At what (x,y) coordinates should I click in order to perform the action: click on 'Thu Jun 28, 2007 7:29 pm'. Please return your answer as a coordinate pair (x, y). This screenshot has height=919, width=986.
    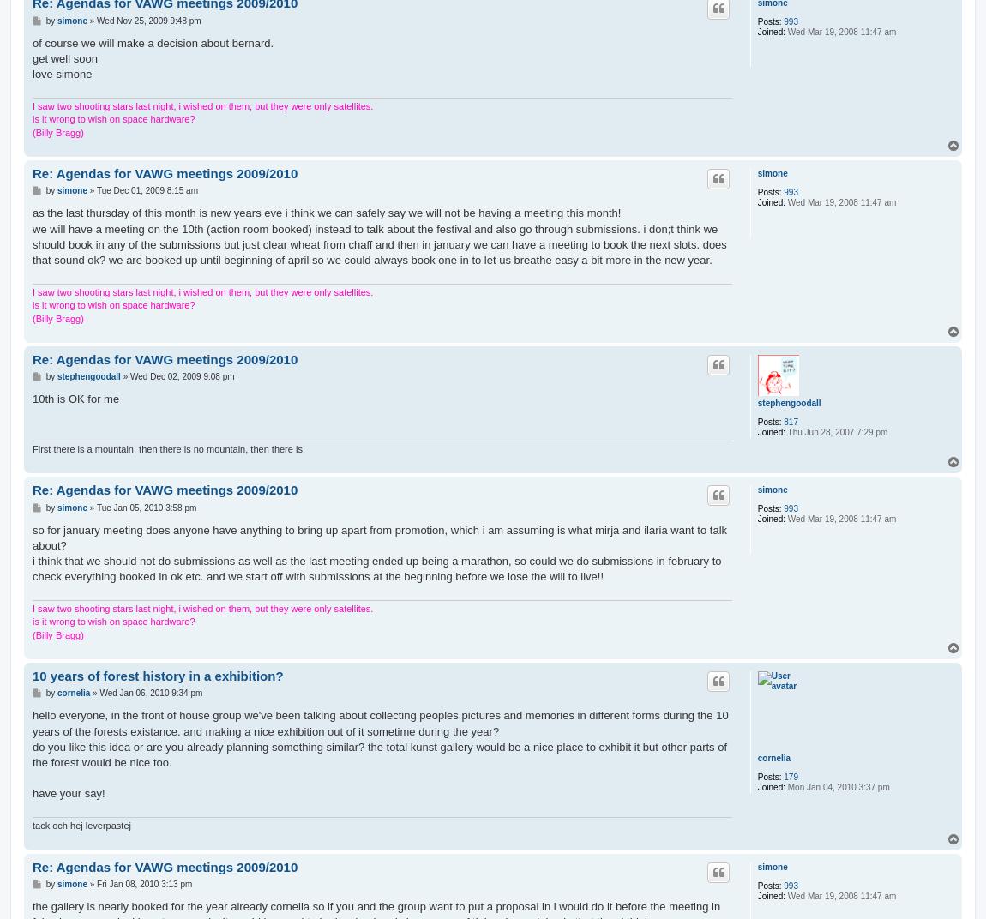
    Looking at the image, I should click on (835, 431).